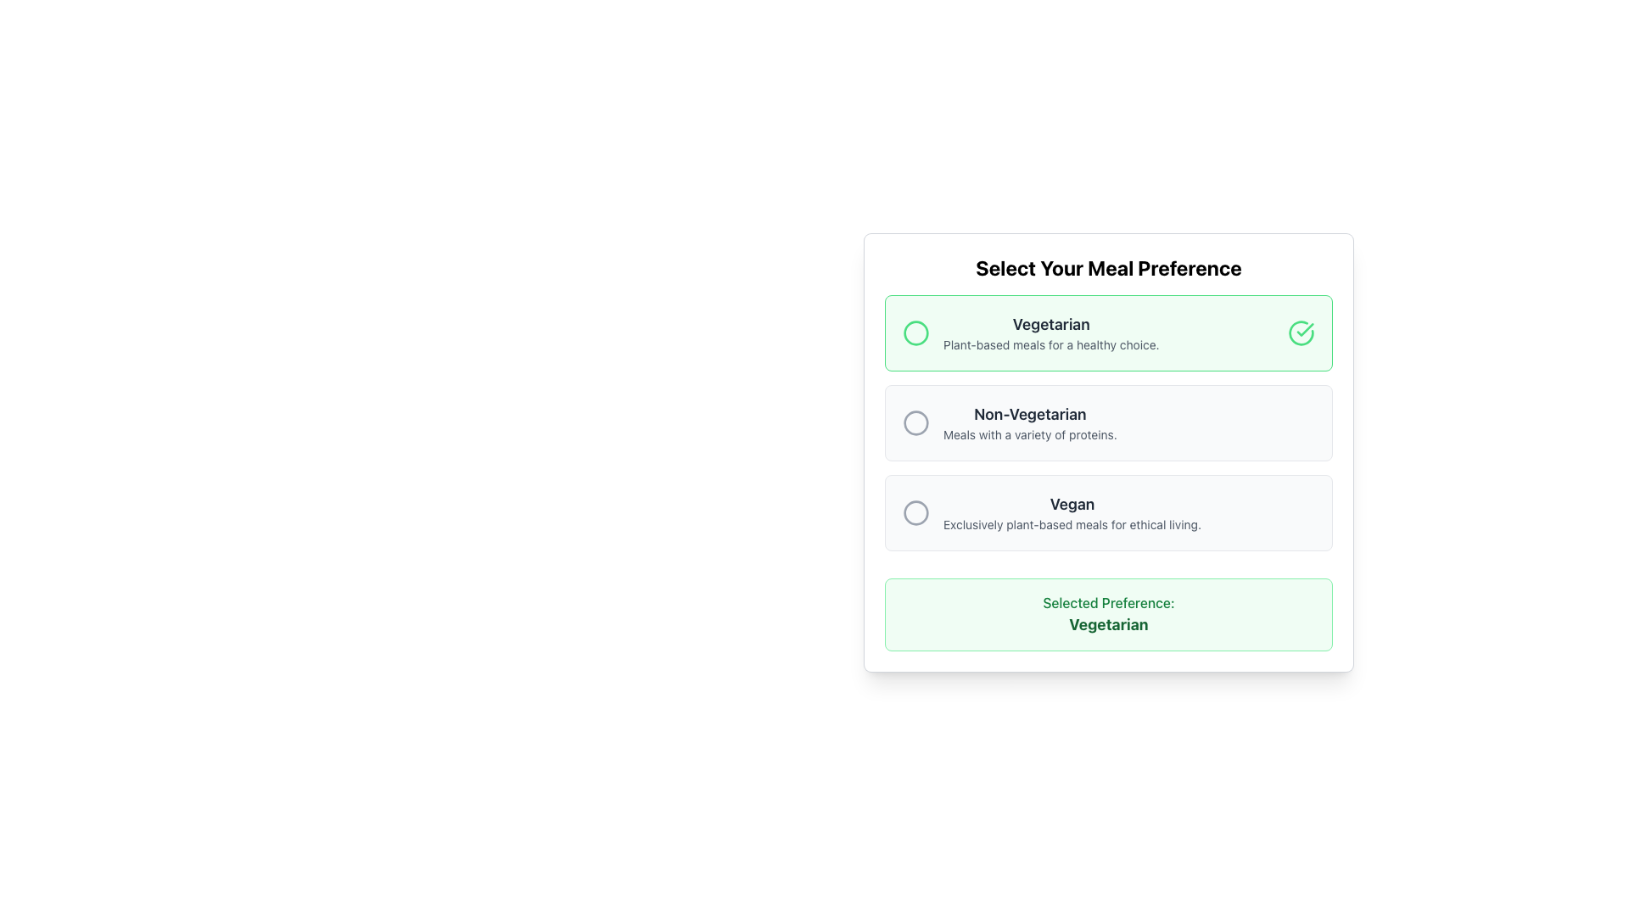  What do you see at coordinates (1029, 434) in the screenshot?
I see `the descriptive text label providing information about the 'Non-Vegetarian' meal option, located below the 'Non-Vegetarian' header in the modal interface` at bounding box center [1029, 434].